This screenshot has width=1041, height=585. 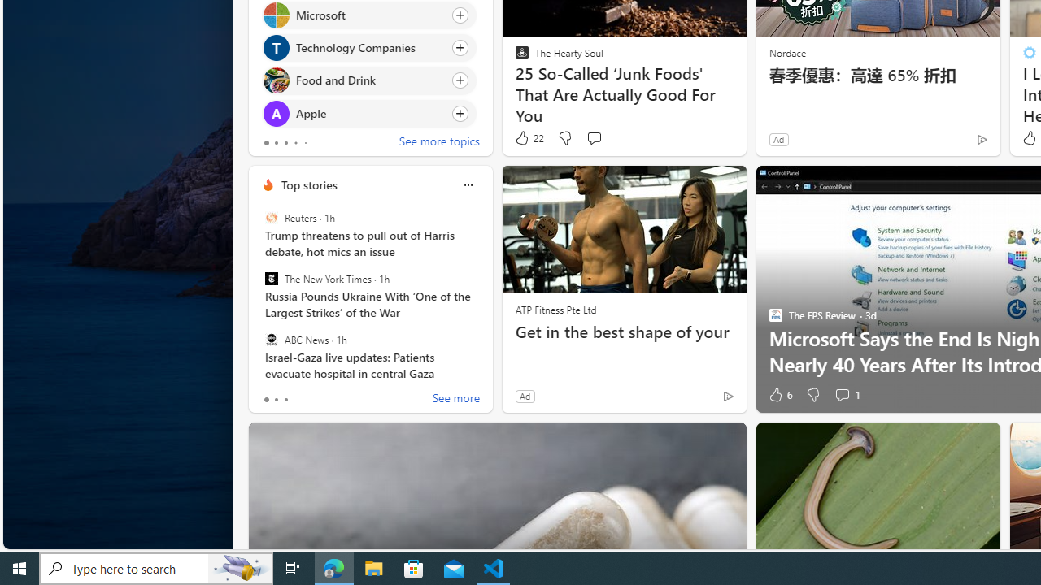 I want to click on 'See more topics', so click(x=439, y=142).